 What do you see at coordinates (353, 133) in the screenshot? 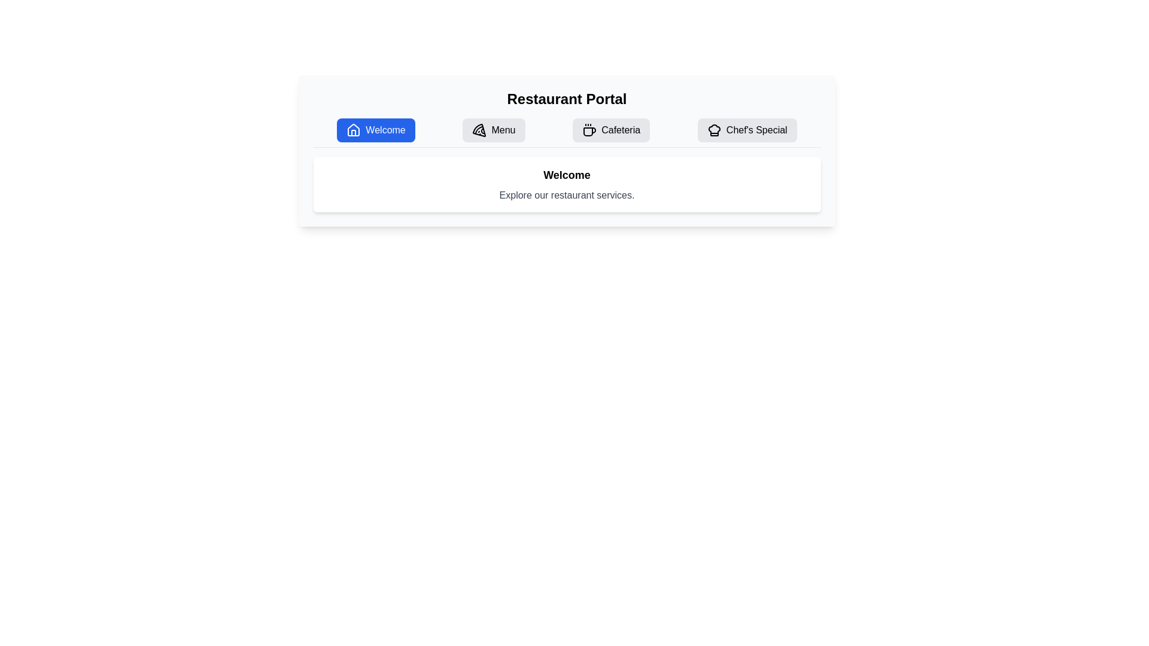
I see `the 'Welcome' button that contains the house icon, which serves as a decorative representation of the home concept` at bounding box center [353, 133].